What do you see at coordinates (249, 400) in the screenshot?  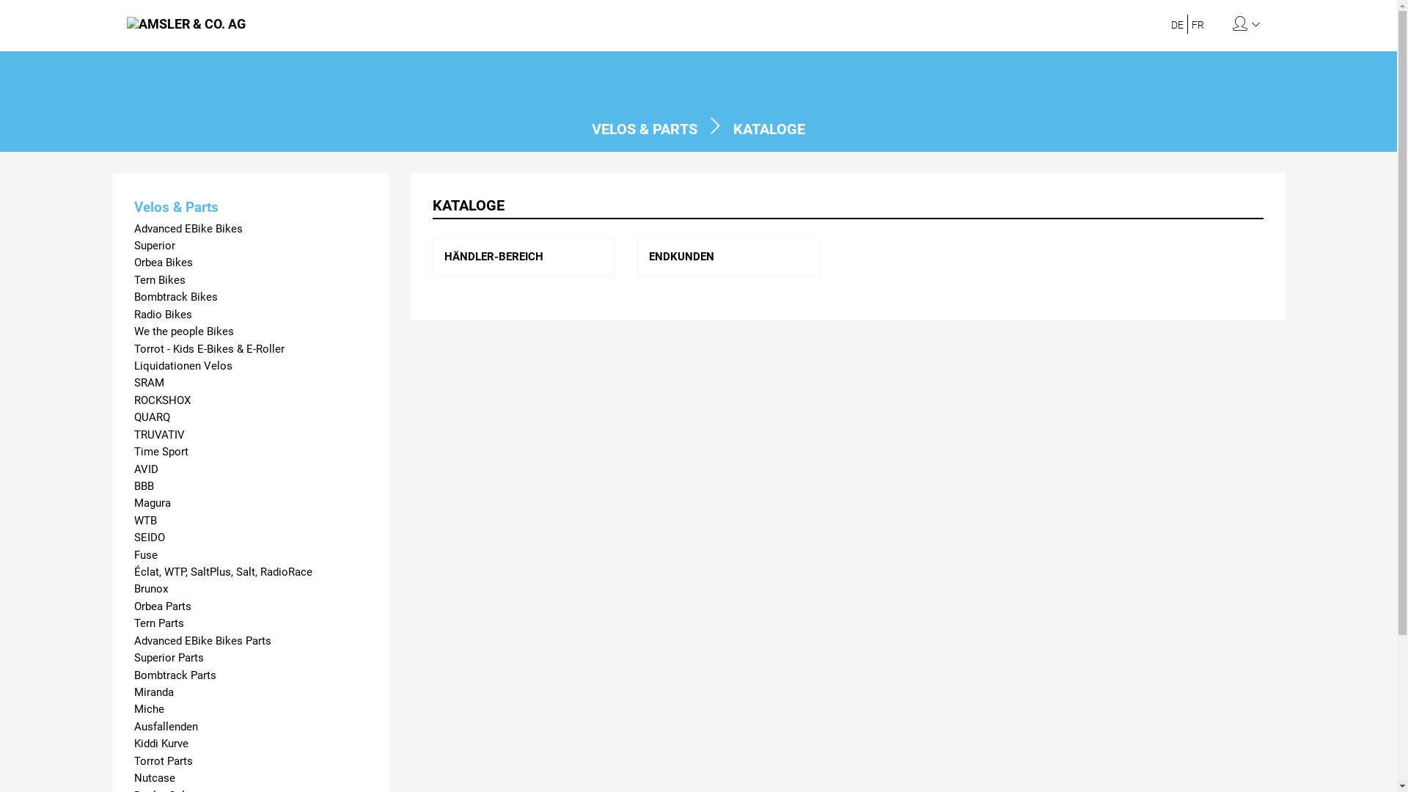 I see `'ROCKSHOX'` at bounding box center [249, 400].